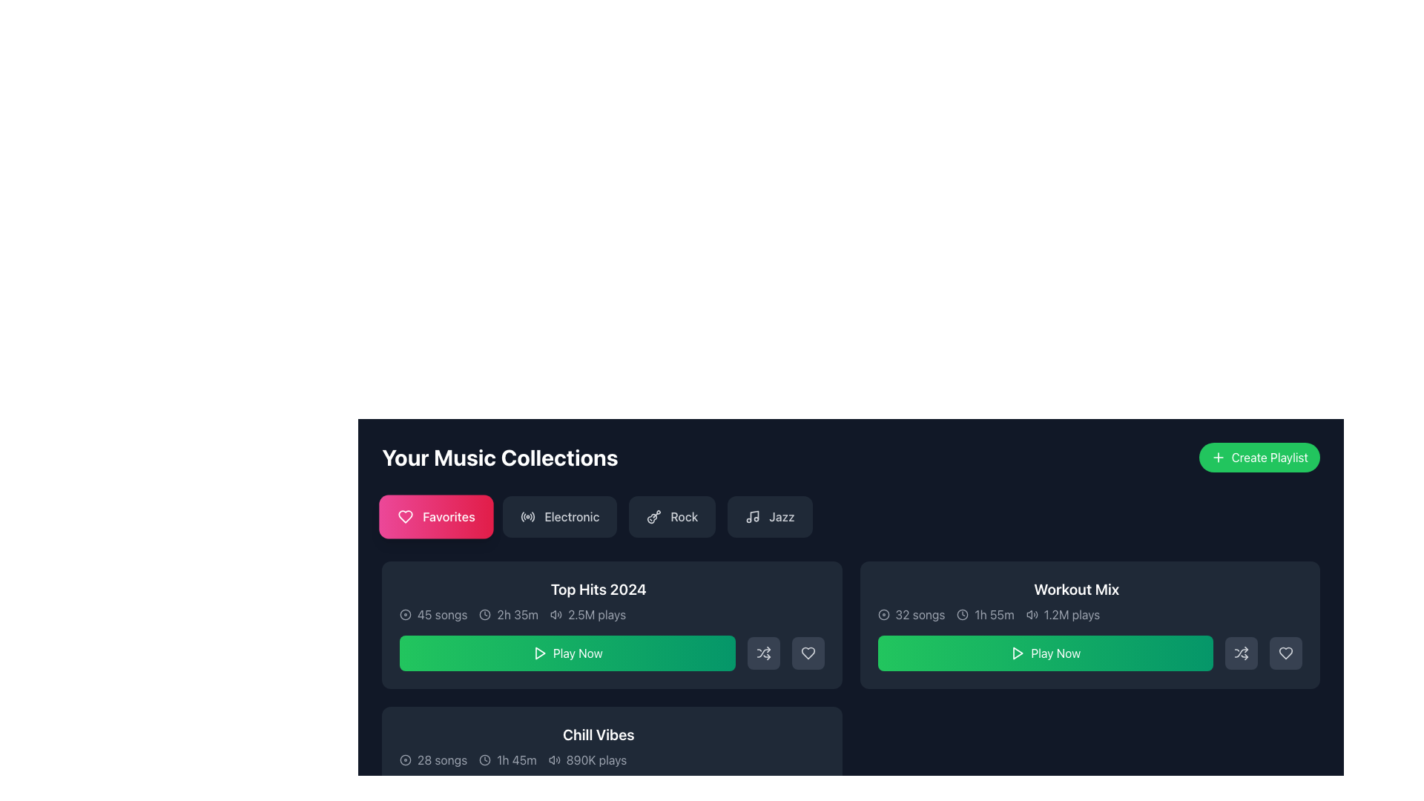 This screenshot has width=1424, height=801. What do you see at coordinates (1072, 615) in the screenshot?
I see `displayed text '1.2M plays' on the Label located in the 'Workout Mix' card` at bounding box center [1072, 615].